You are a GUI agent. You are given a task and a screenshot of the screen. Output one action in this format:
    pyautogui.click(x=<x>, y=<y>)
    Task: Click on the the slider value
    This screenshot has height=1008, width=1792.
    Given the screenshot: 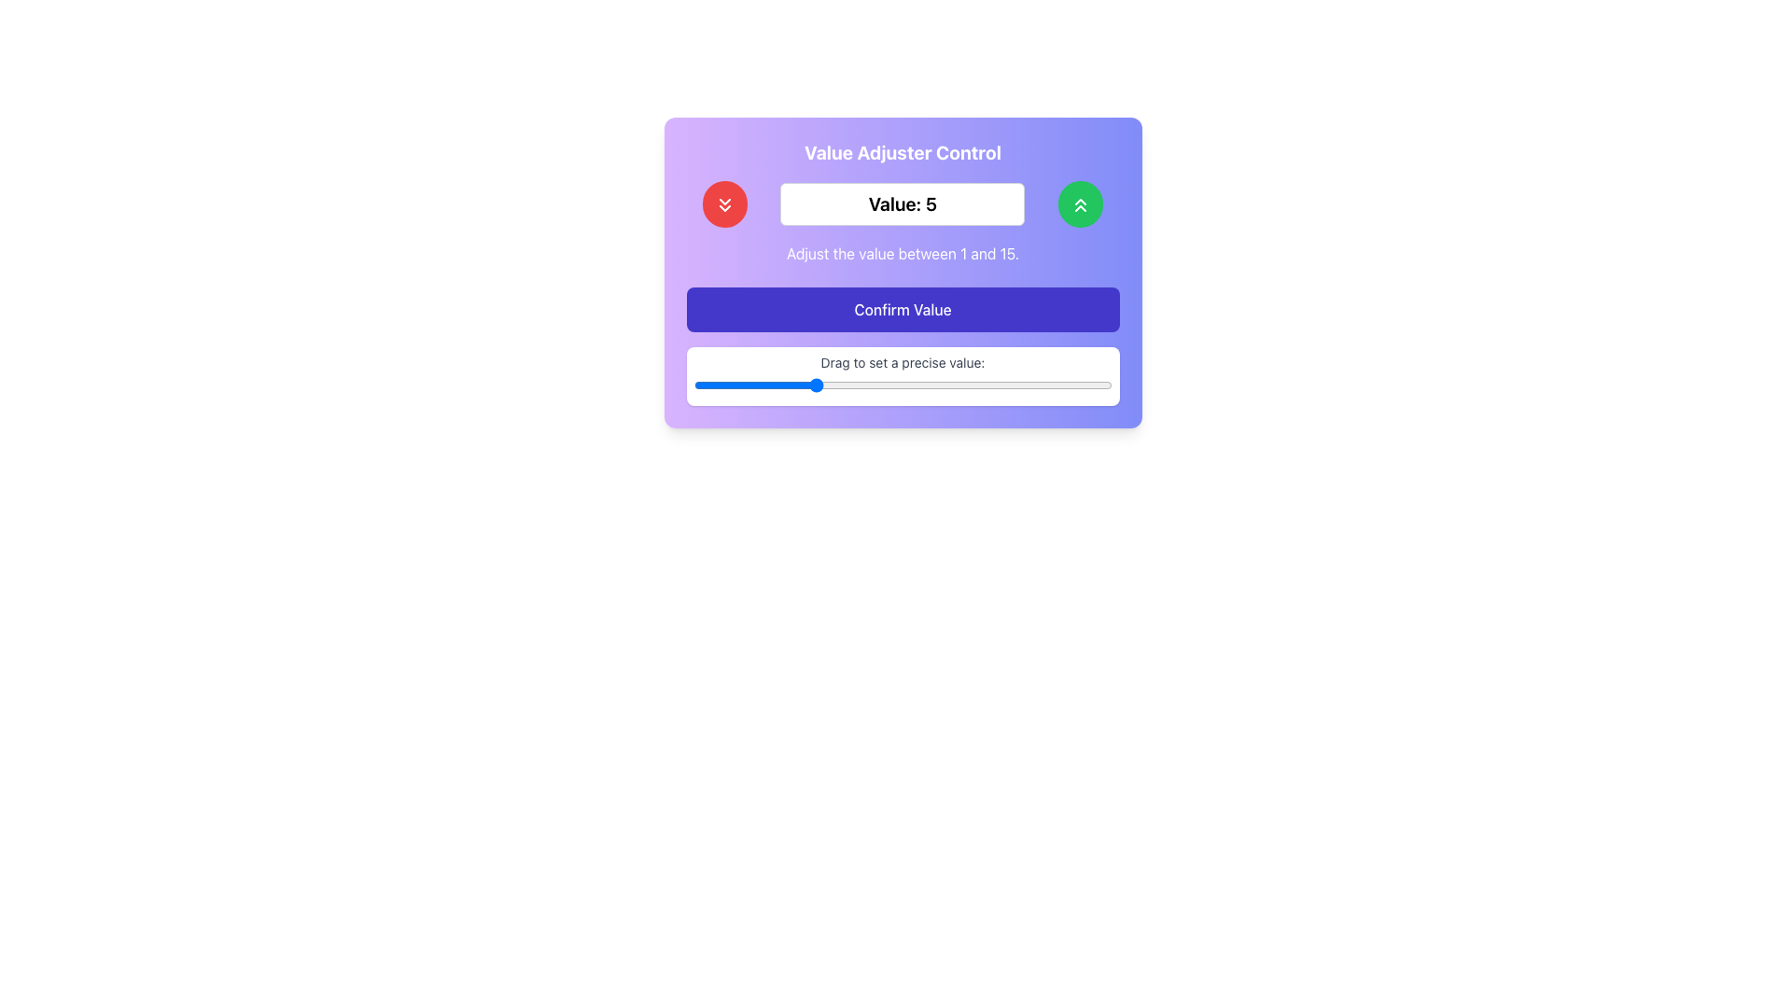 What is the action you would take?
    pyautogui.click(x=903, y=385)
    